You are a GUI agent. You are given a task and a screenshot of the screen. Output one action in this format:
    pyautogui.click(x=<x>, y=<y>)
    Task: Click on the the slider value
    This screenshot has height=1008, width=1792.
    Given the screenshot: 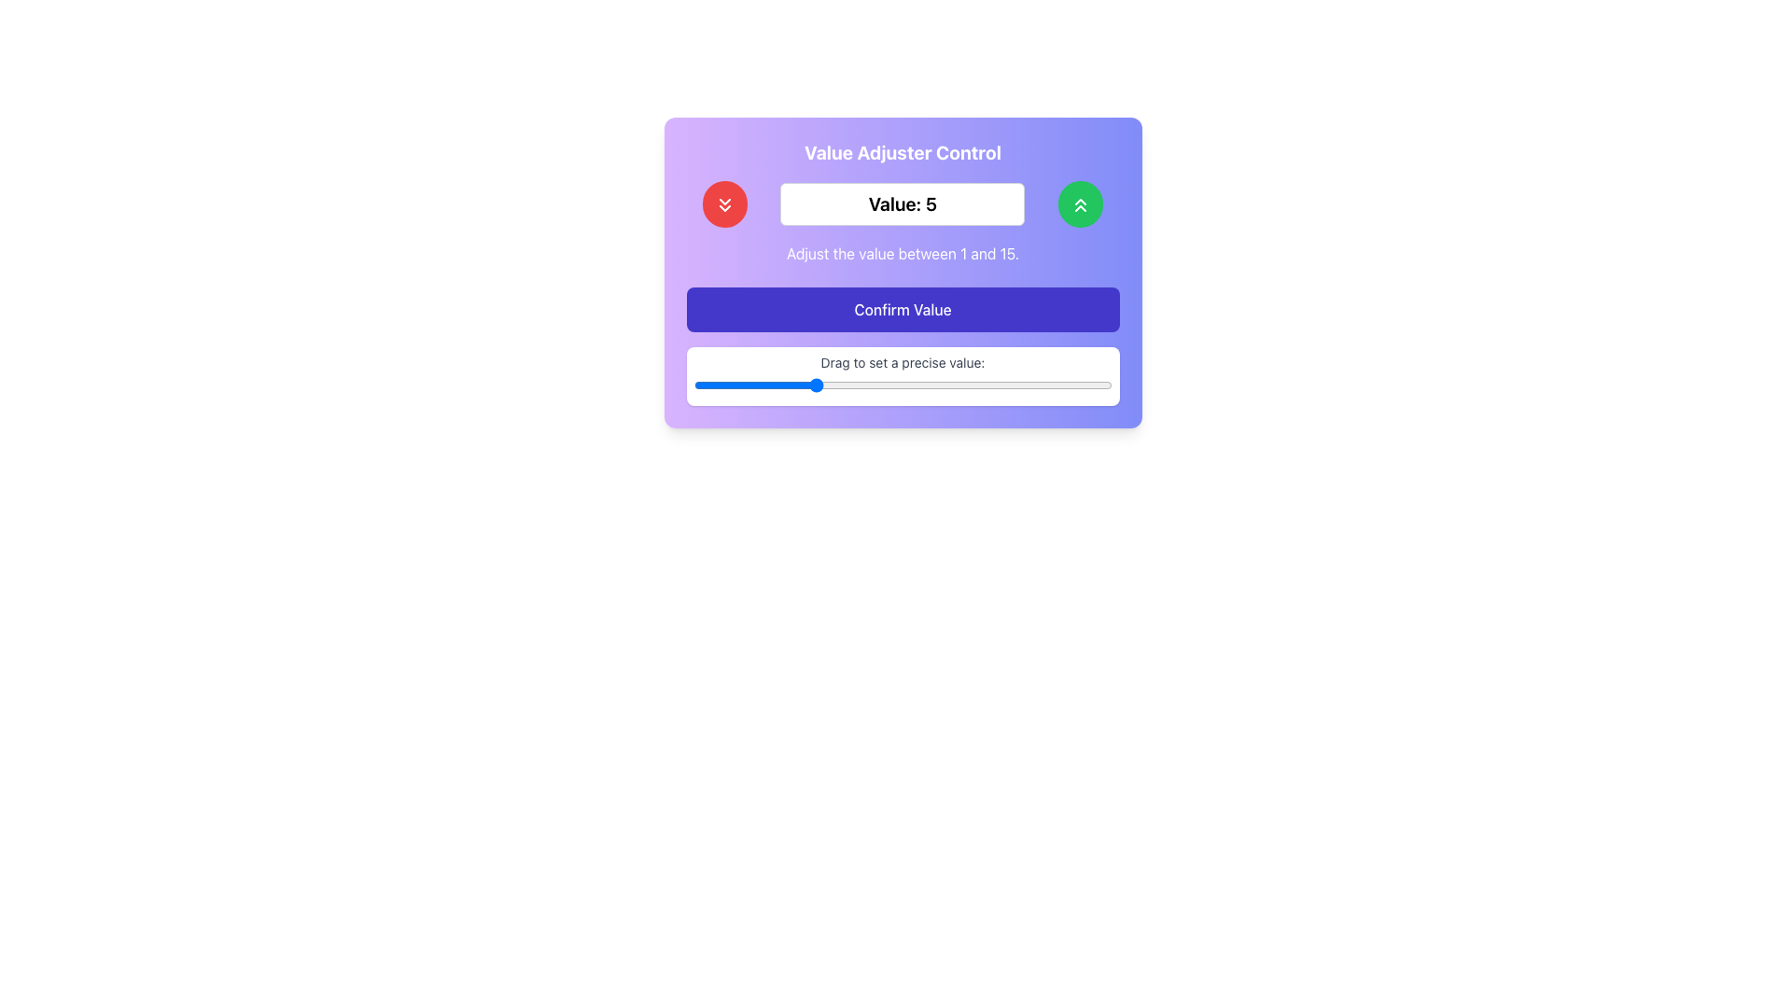 What is the action you would take?
    pyautogui.click(x=903, y=385)
    